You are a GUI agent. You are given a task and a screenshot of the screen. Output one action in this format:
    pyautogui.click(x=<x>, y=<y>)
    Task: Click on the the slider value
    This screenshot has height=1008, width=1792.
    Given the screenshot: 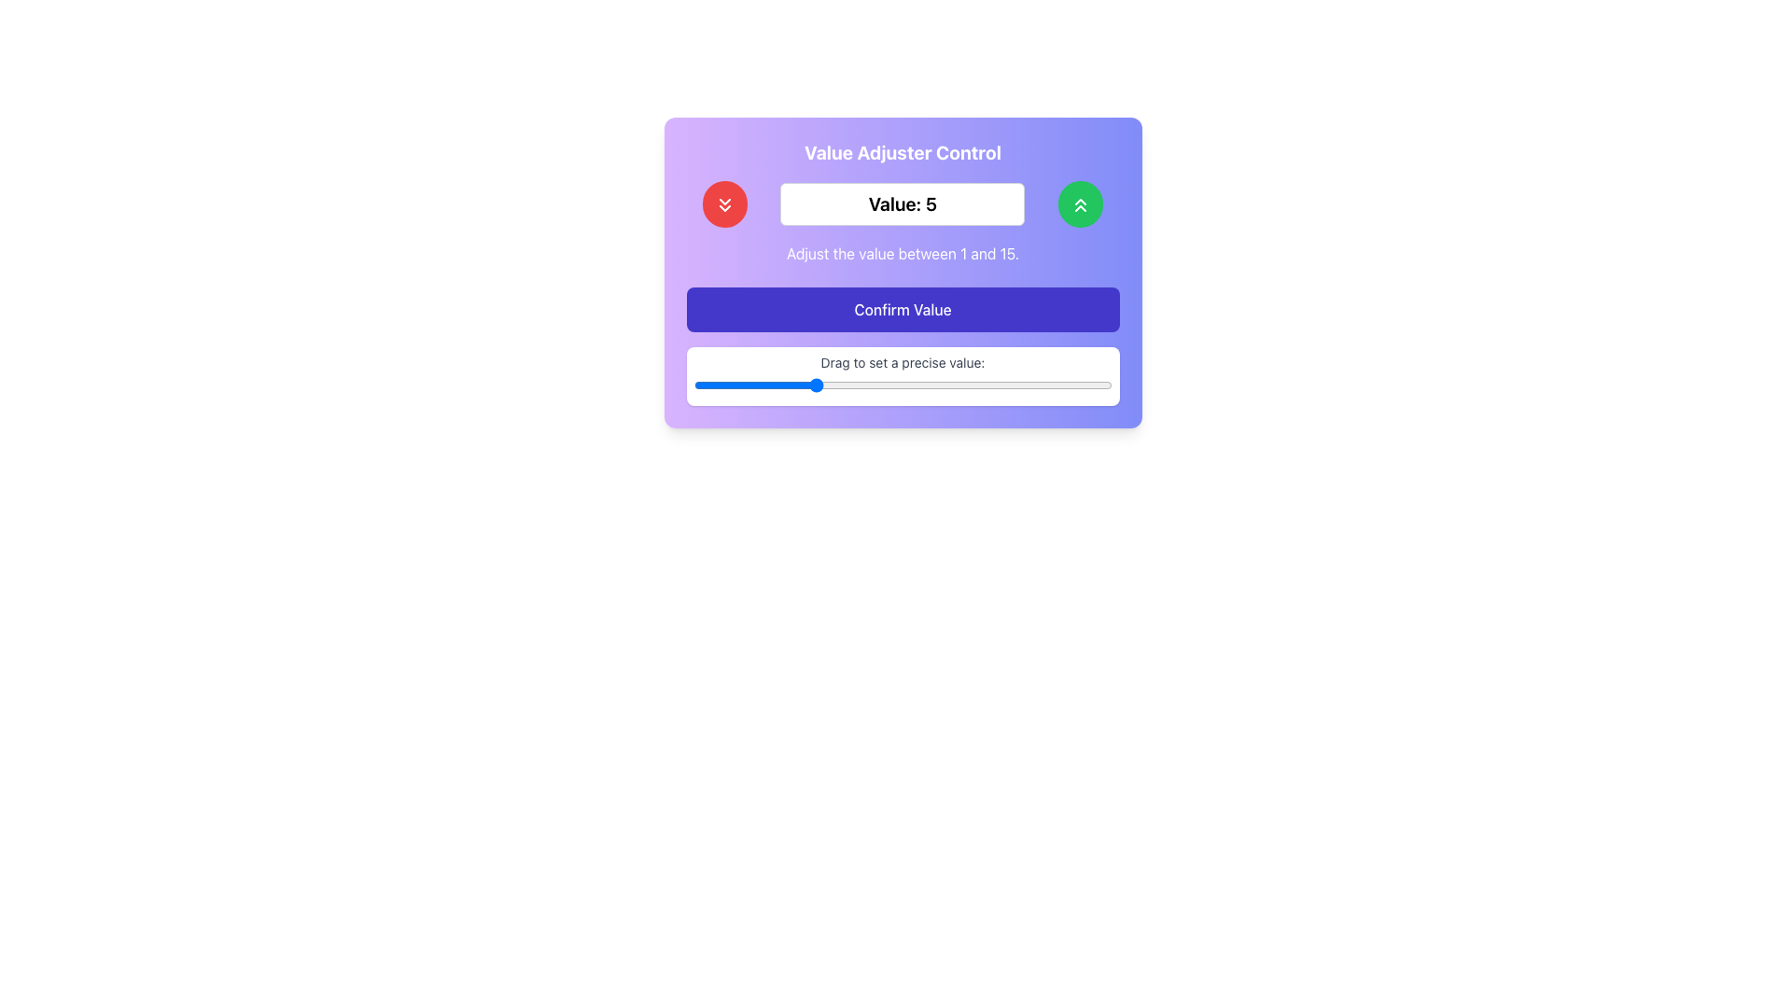 What is the action you would take?
    pyautogui.click(x=903, y=385)
    